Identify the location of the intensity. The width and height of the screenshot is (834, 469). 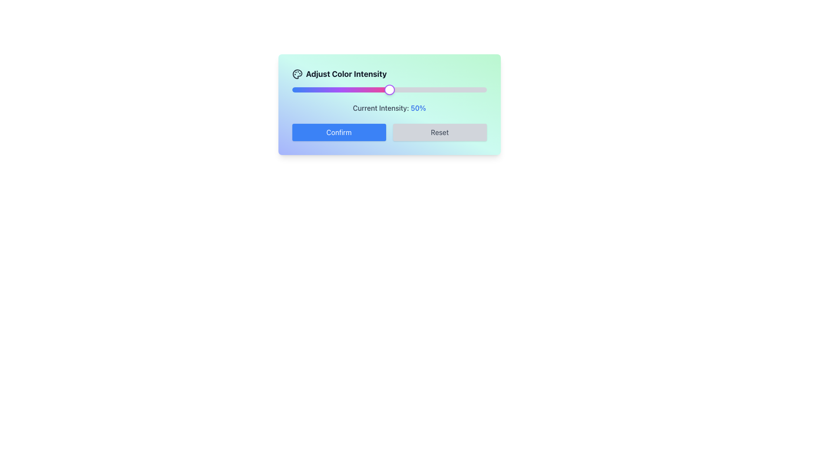
(384, 90).